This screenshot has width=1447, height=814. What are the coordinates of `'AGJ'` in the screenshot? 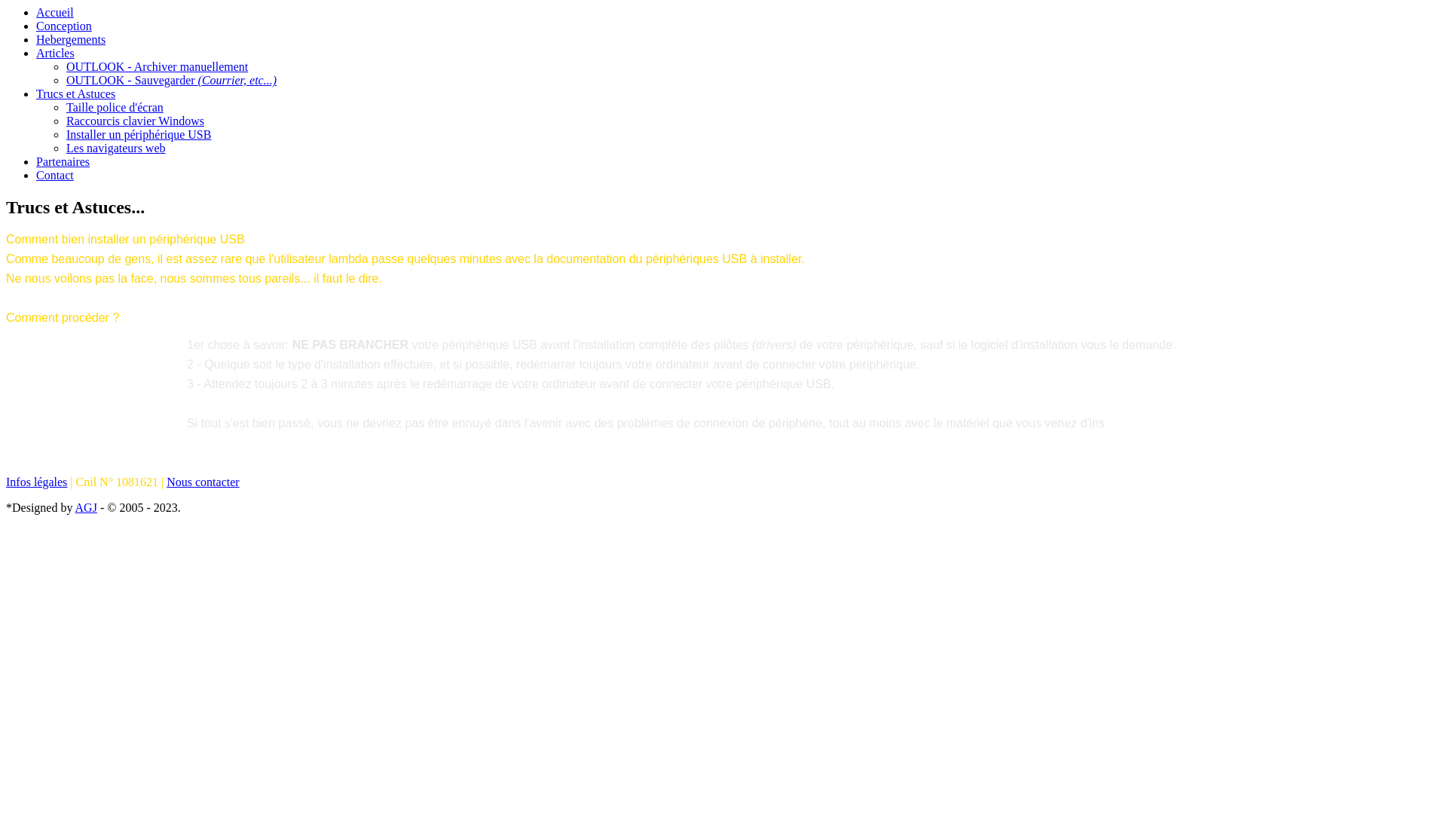 It's located at (85, 507).